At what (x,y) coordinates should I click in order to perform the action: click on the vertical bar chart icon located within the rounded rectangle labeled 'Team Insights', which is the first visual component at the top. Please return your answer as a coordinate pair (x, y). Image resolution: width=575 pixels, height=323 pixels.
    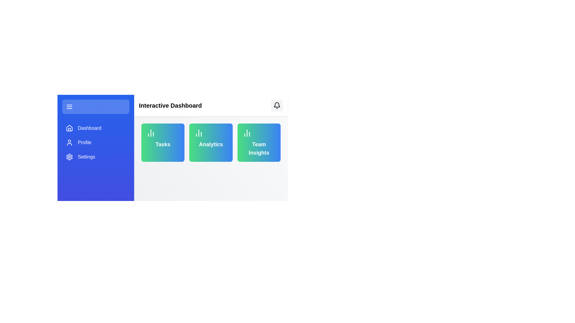
    Looking at the image, I should click on (247, 132).